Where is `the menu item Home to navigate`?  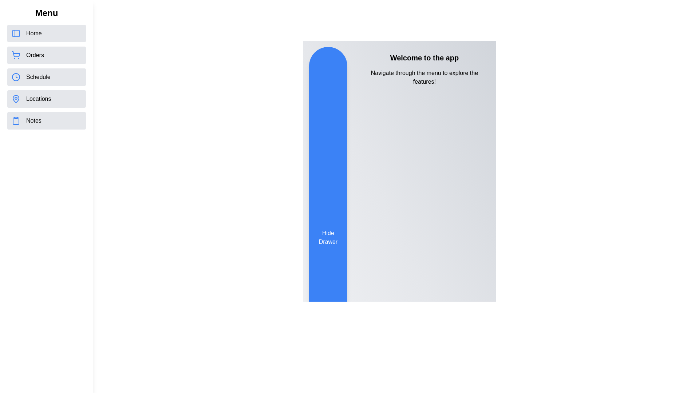 the menu item Home to navigate is located at coordinates (46, 33).